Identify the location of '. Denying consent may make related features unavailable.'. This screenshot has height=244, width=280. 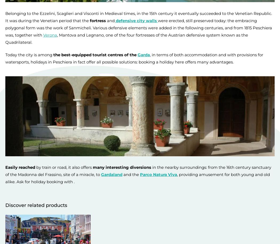
(133, 233).